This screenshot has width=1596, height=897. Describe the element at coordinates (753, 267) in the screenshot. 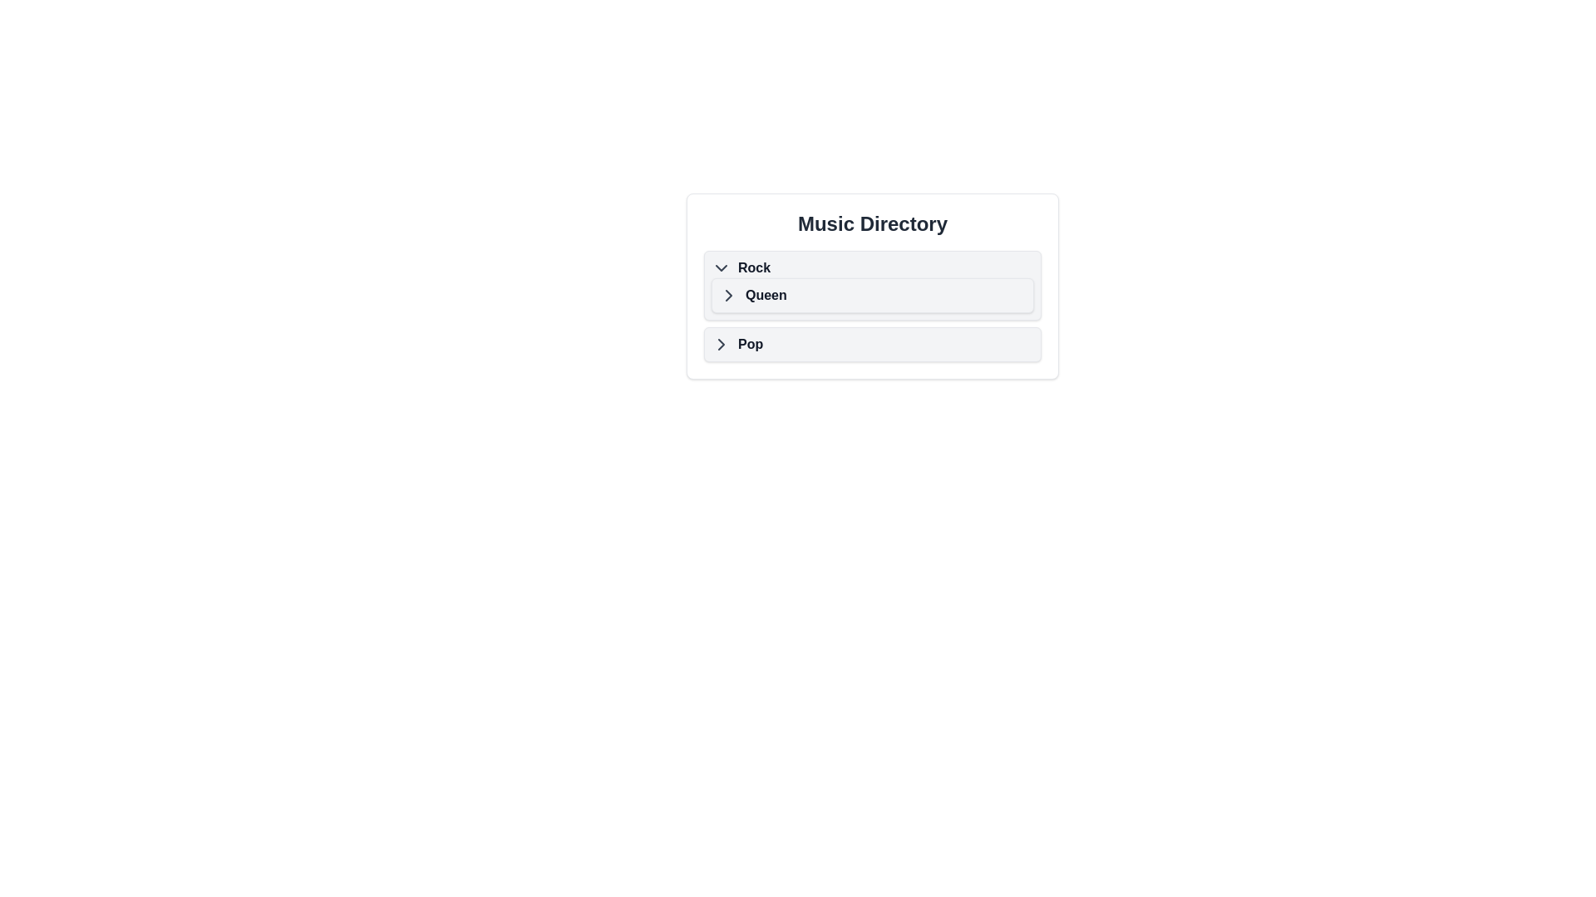

I see `the 'Rock' text label in the 'Music Directory' interface, which is located to the right of the chevron-down icon` at that location.